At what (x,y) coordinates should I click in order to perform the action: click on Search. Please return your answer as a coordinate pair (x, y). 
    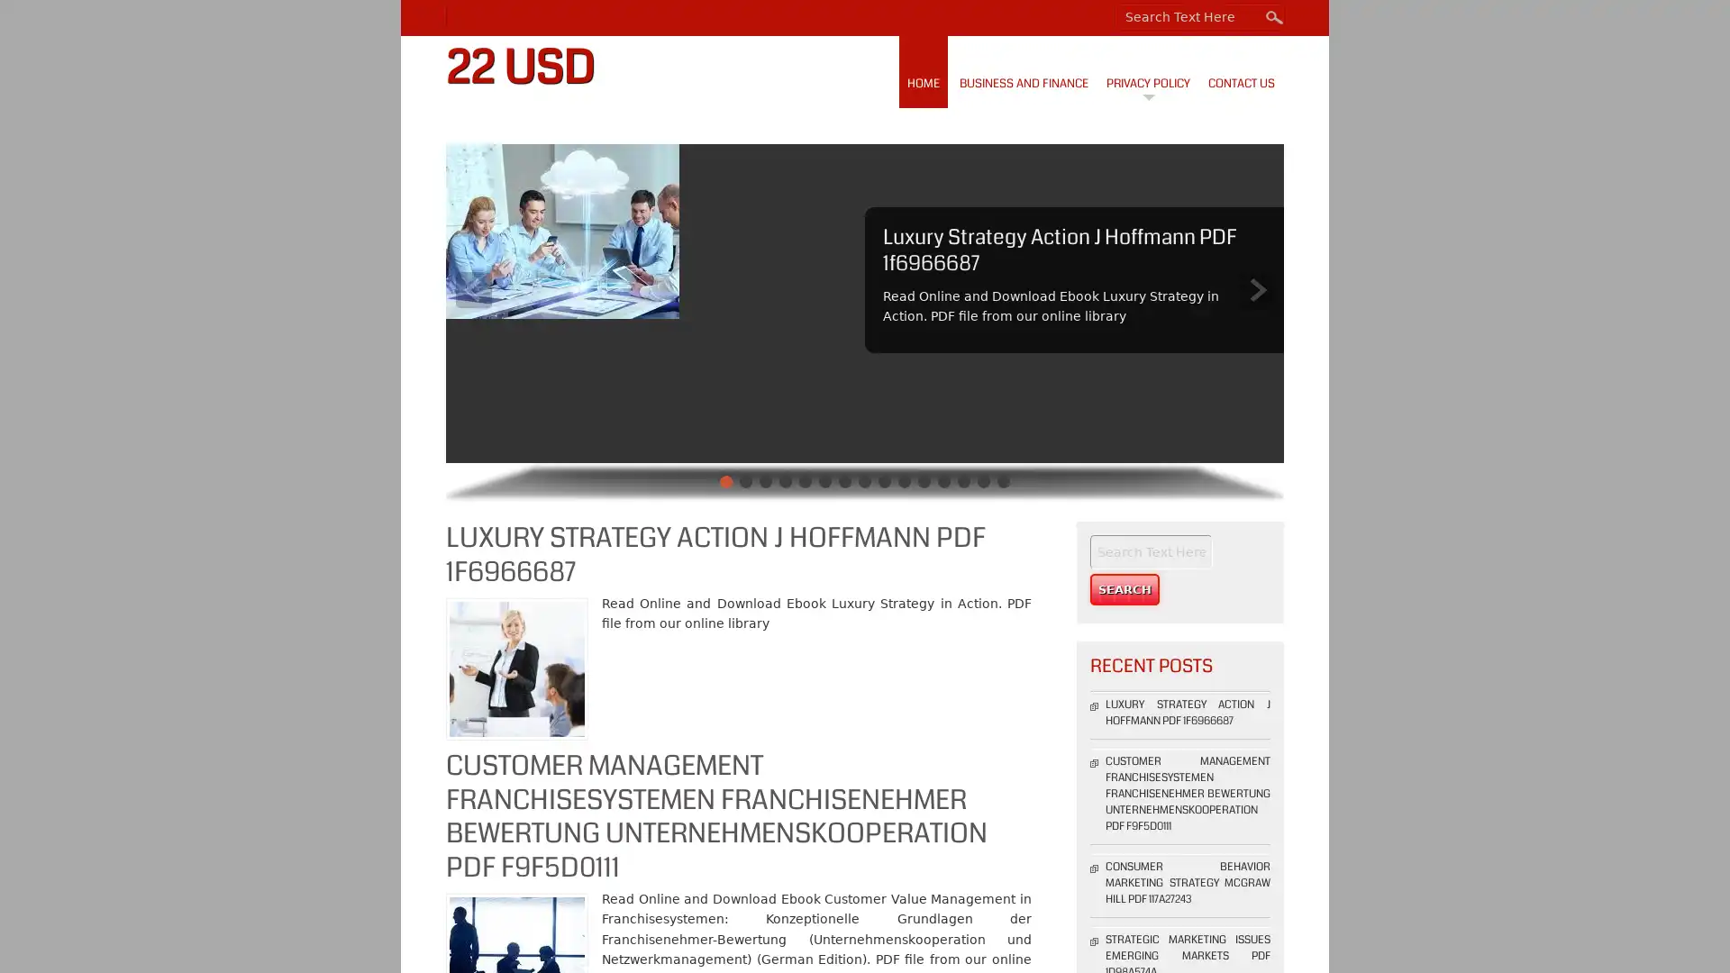
    Looking at the image, I should click on (1124, 589).